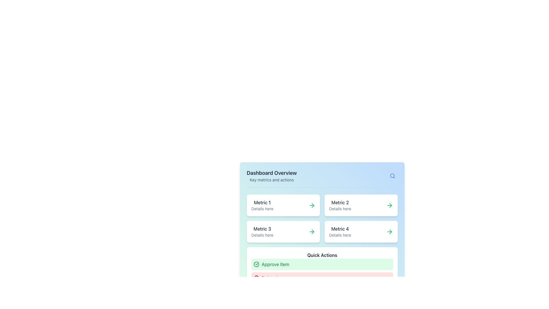  I want to click on the Text Label located in the top-right card under the title 'Dashboard Overview', which indicates the name or identifier for its corresponding data or functionality, so click(340, 202).